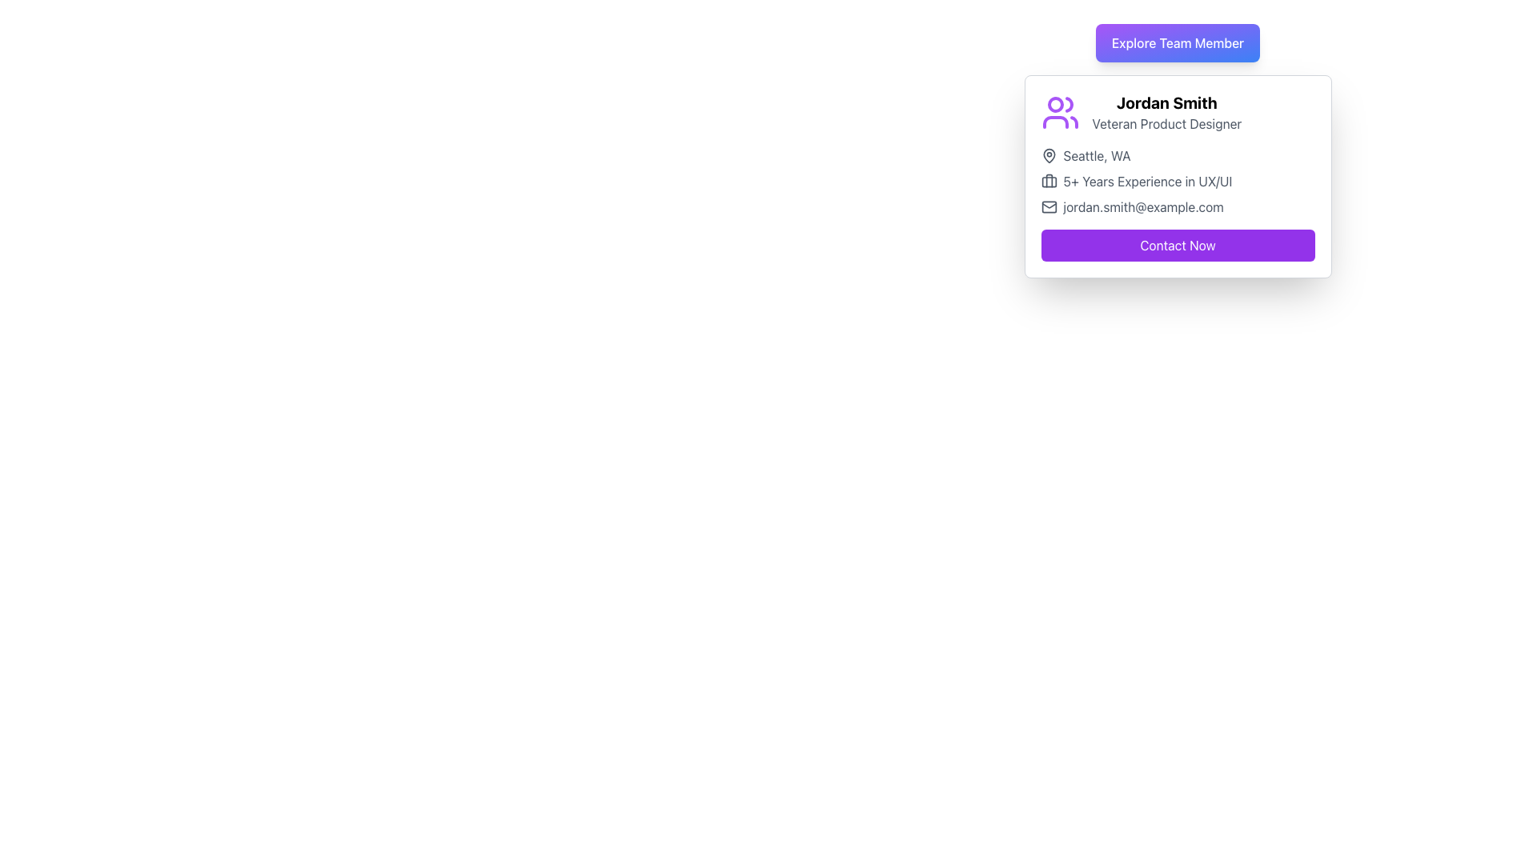 The height and width of the screenshot is (864, 1537). What do you see at coordinates (1049, 156) in the screenshot?
I see `the geographical icon representing 'Seattle, WA' located at the top-left side of Jordan Smith's information card` at bounding box center [1049, 156].